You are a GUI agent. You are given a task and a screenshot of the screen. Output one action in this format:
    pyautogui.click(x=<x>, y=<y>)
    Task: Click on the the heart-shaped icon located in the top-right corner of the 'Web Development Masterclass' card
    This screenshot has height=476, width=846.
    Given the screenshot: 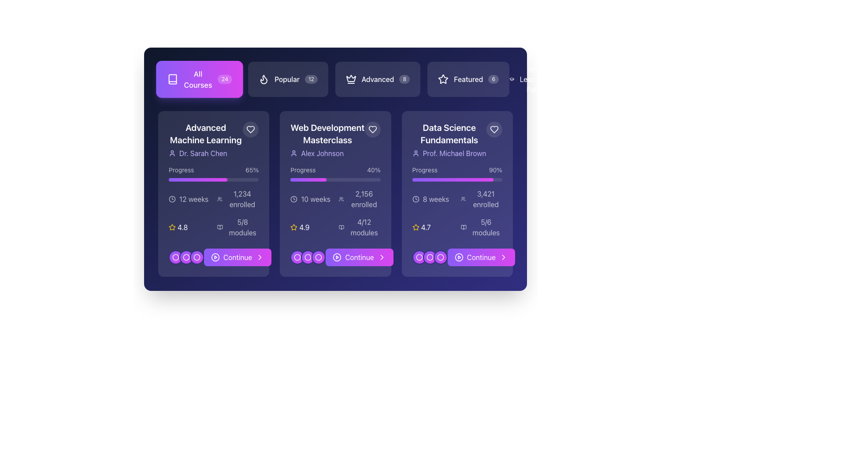 What is the action you would take?
    pyautogui.click(x=372, y=129)
    